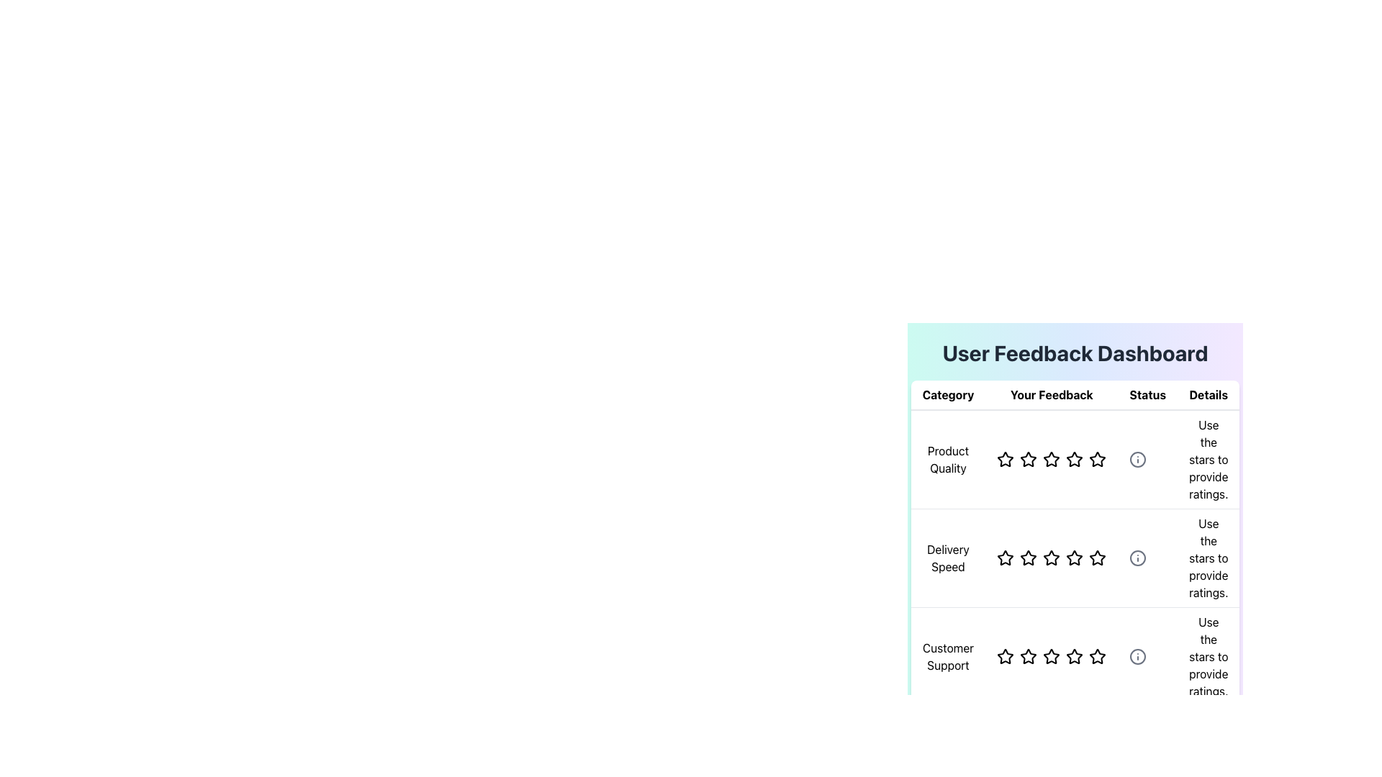  I want to click on the 'Delivery Speed' text label element, which is centrally aligned and displayed in black within a table under the 'Category' column, so click(948, 557).